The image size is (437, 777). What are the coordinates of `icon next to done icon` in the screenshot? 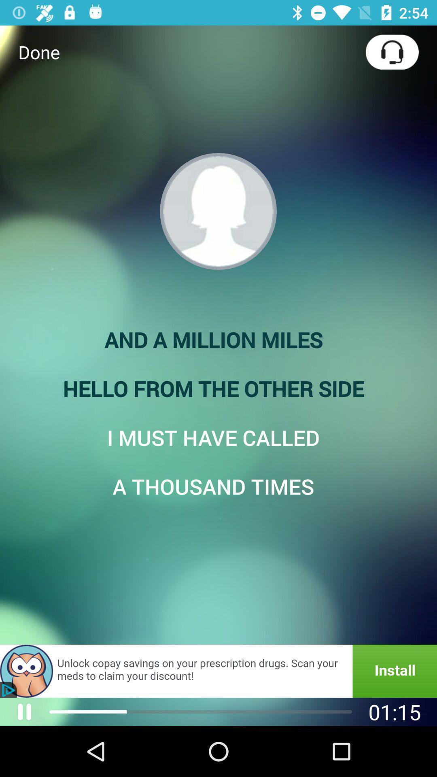 It's located at (392, 51).